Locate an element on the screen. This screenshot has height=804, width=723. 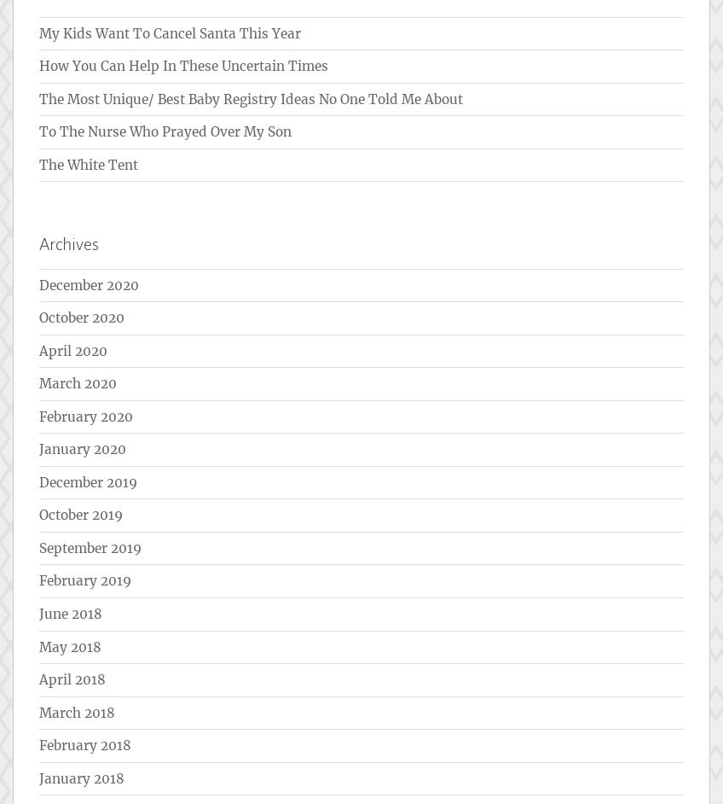
'April 2018' is located at coordinates (72, 679).